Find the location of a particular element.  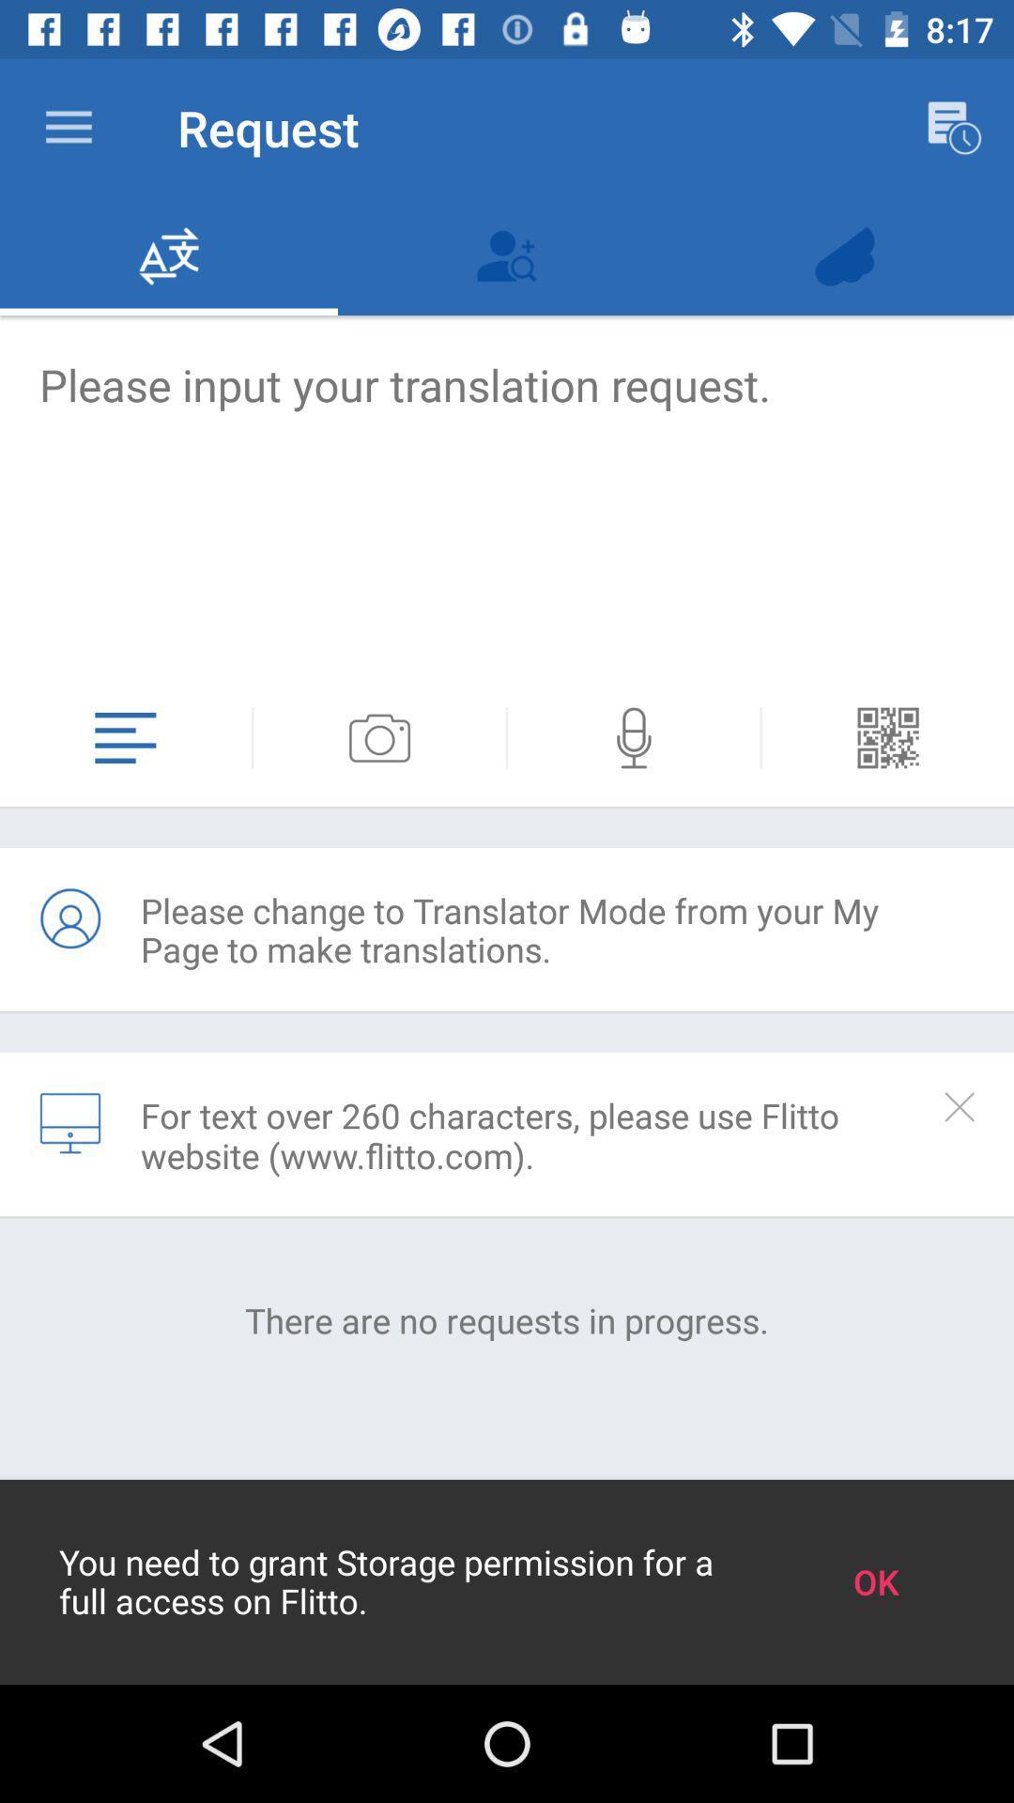

click camera image is located at coordinates (379, 737).